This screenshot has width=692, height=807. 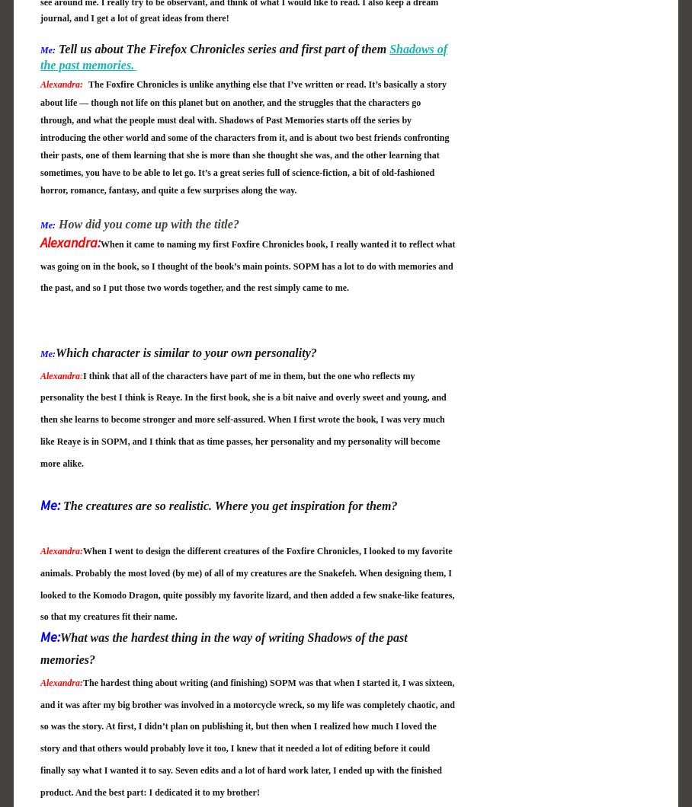 I want to click on ':', so click(x=78, y=375).